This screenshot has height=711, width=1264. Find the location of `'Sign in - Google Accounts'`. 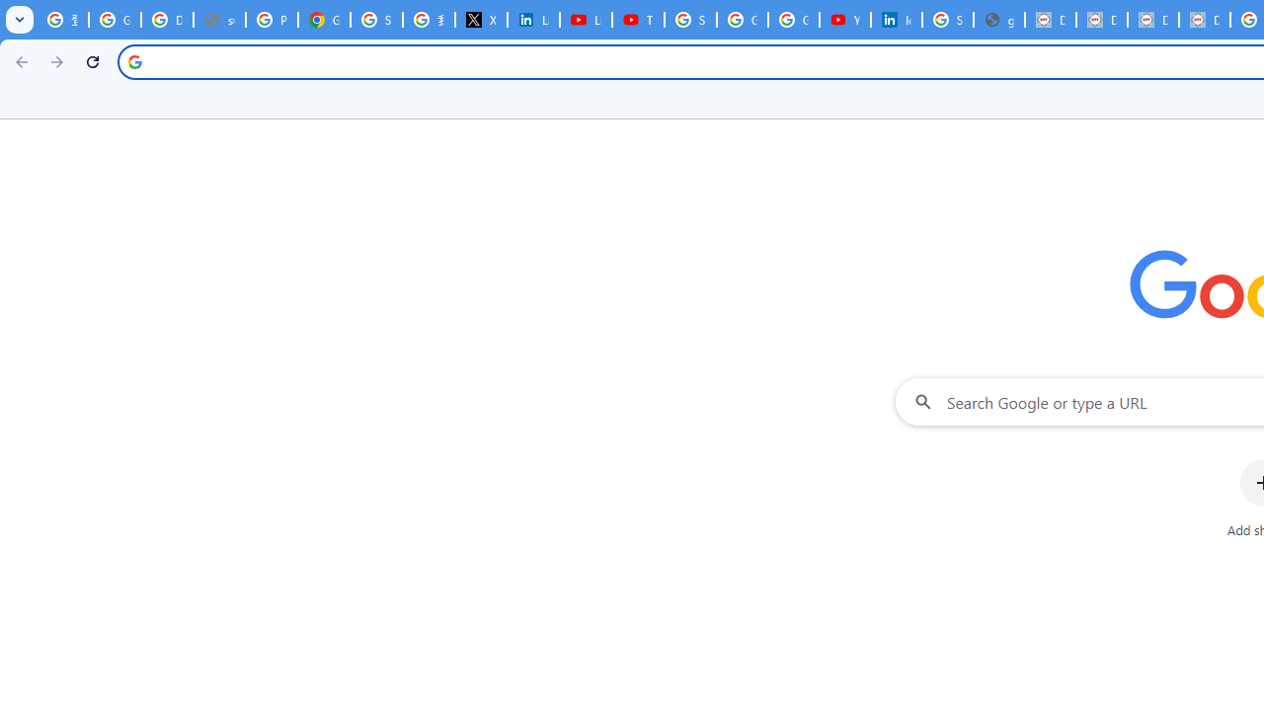

'Sign in - Google Accounts' is located at coordinates (690, 20).